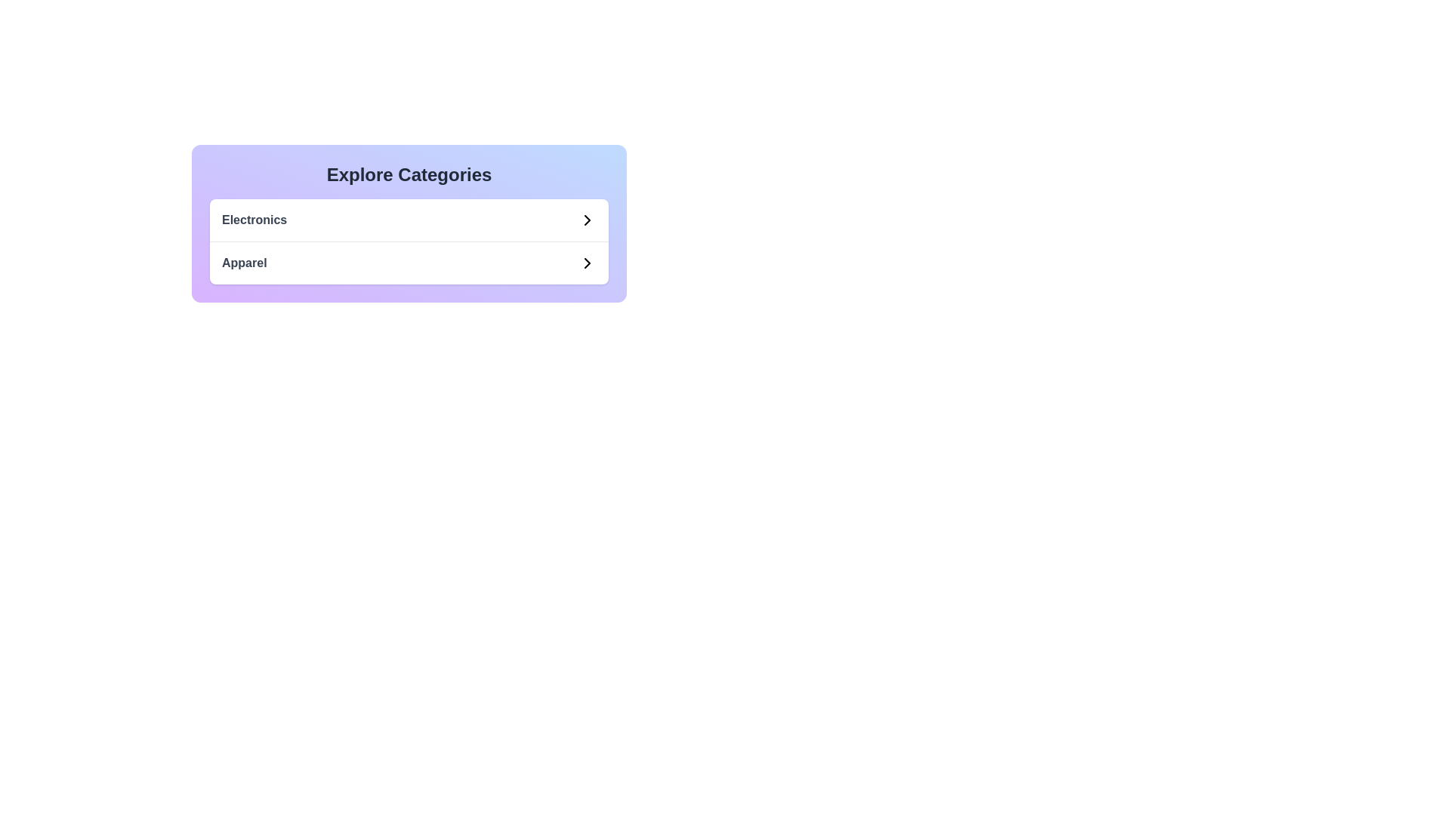 This screenshot has height=815, width=1450. Describe the element at coordinates (586, 262) in the screenshot. I see `the right-facing chevron icon indicating navigation at the end of the 'Apparel' label in the category list` at that location.